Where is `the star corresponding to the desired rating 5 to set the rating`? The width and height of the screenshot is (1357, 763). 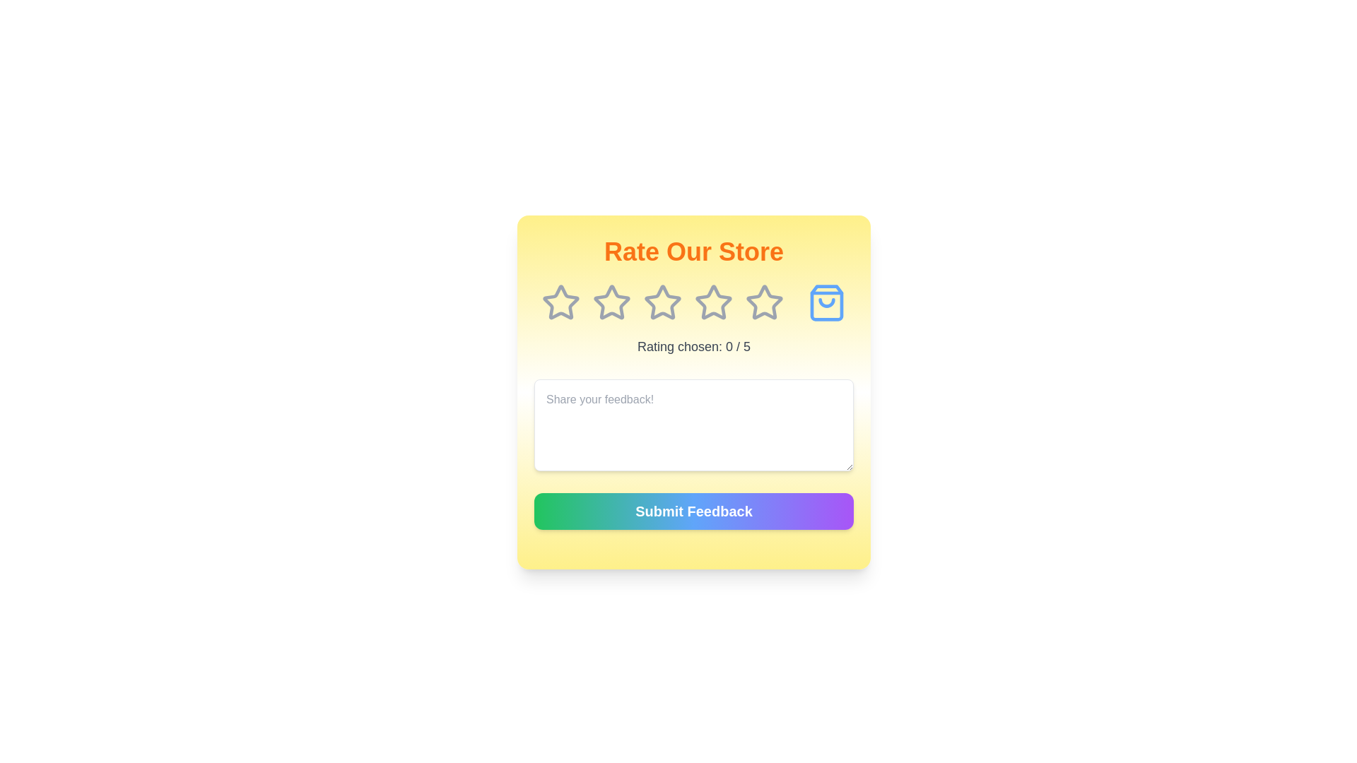
the star corresponding to the desired rating 5 to set the rating is located at coordinates (763, 302).